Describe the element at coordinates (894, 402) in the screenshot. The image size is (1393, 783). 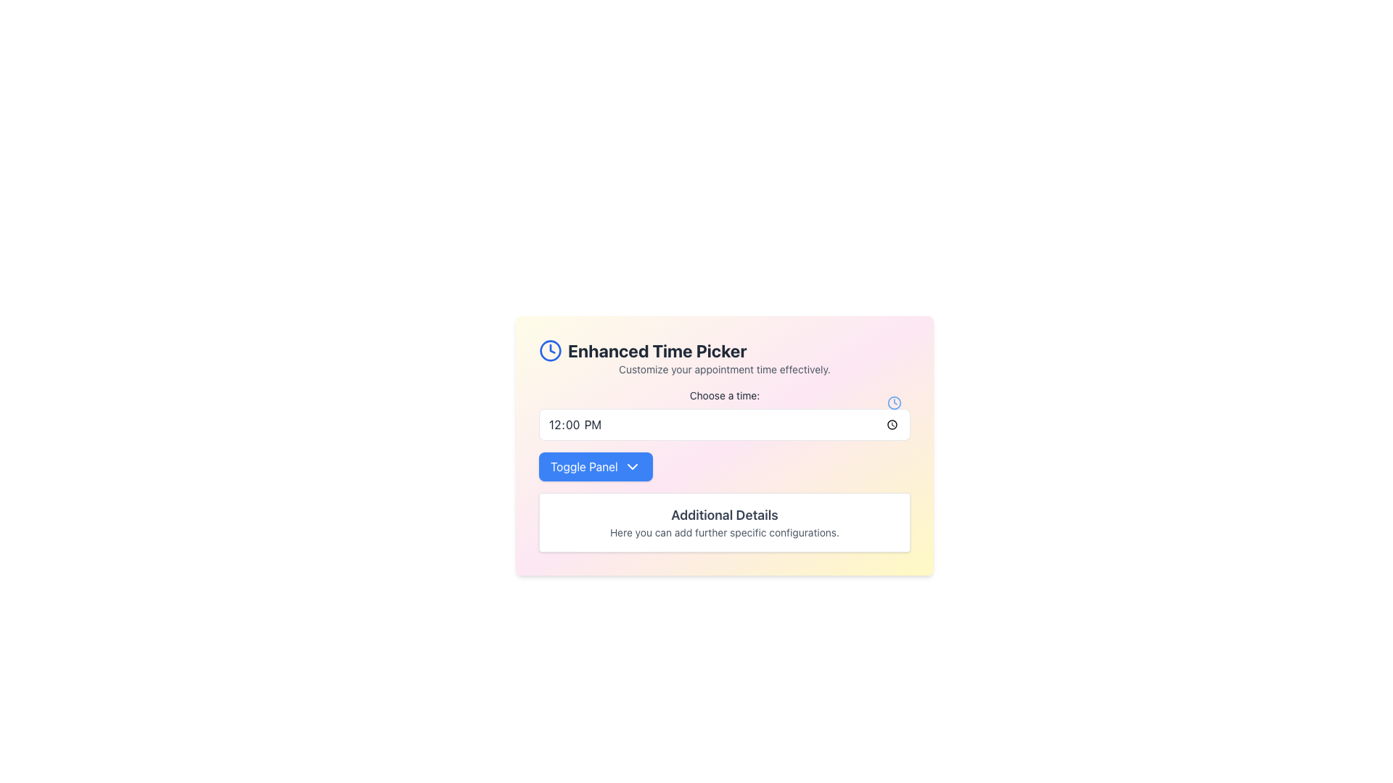
I see `the SVG Circle Element that visually represents an analog clock in the upper right corner of the 'Choose a time:' label section` at that location.